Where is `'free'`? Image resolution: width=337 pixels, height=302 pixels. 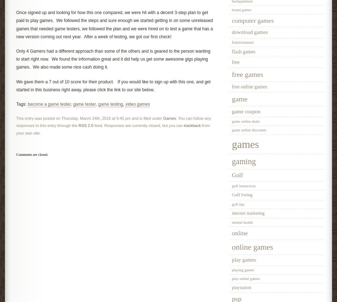
'free' is located at coordinates (235, 62).